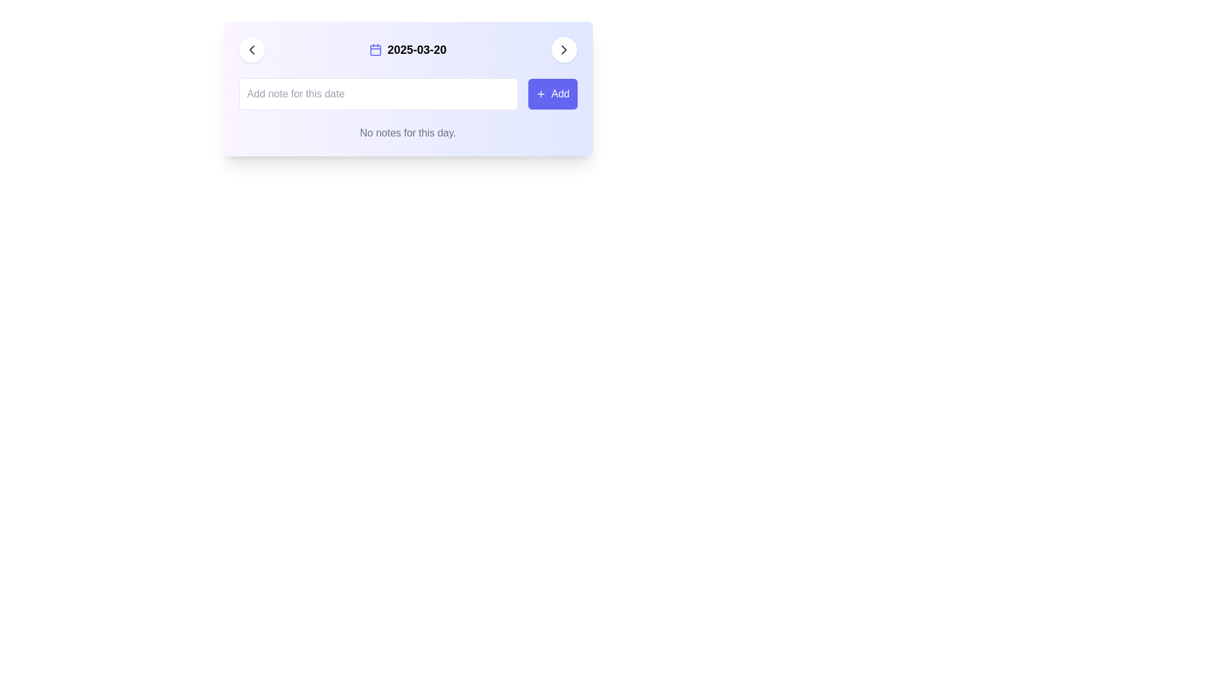 This screenshot has width=1231, height=692. Describe the element at coordinates (564, 49) in the screenshot. I see `the right-pointing arrow icon, which is styled with thin lines and is part of a navigation panel next to the date '2025-03-20'` at that location.